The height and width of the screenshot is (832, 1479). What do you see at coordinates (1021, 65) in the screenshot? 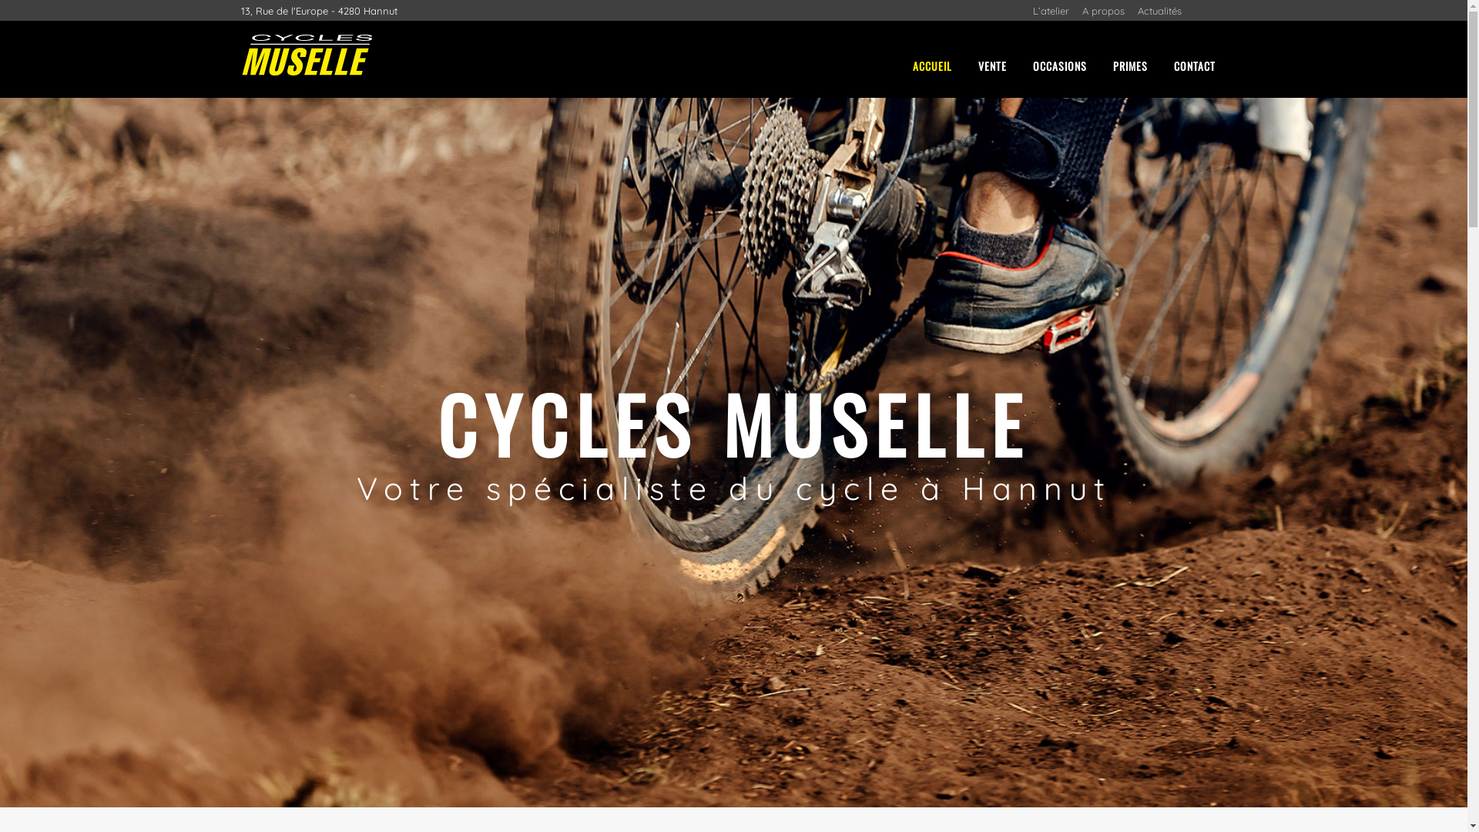
I see `'OCCASIONS'` at bounding box center [1021, 65].